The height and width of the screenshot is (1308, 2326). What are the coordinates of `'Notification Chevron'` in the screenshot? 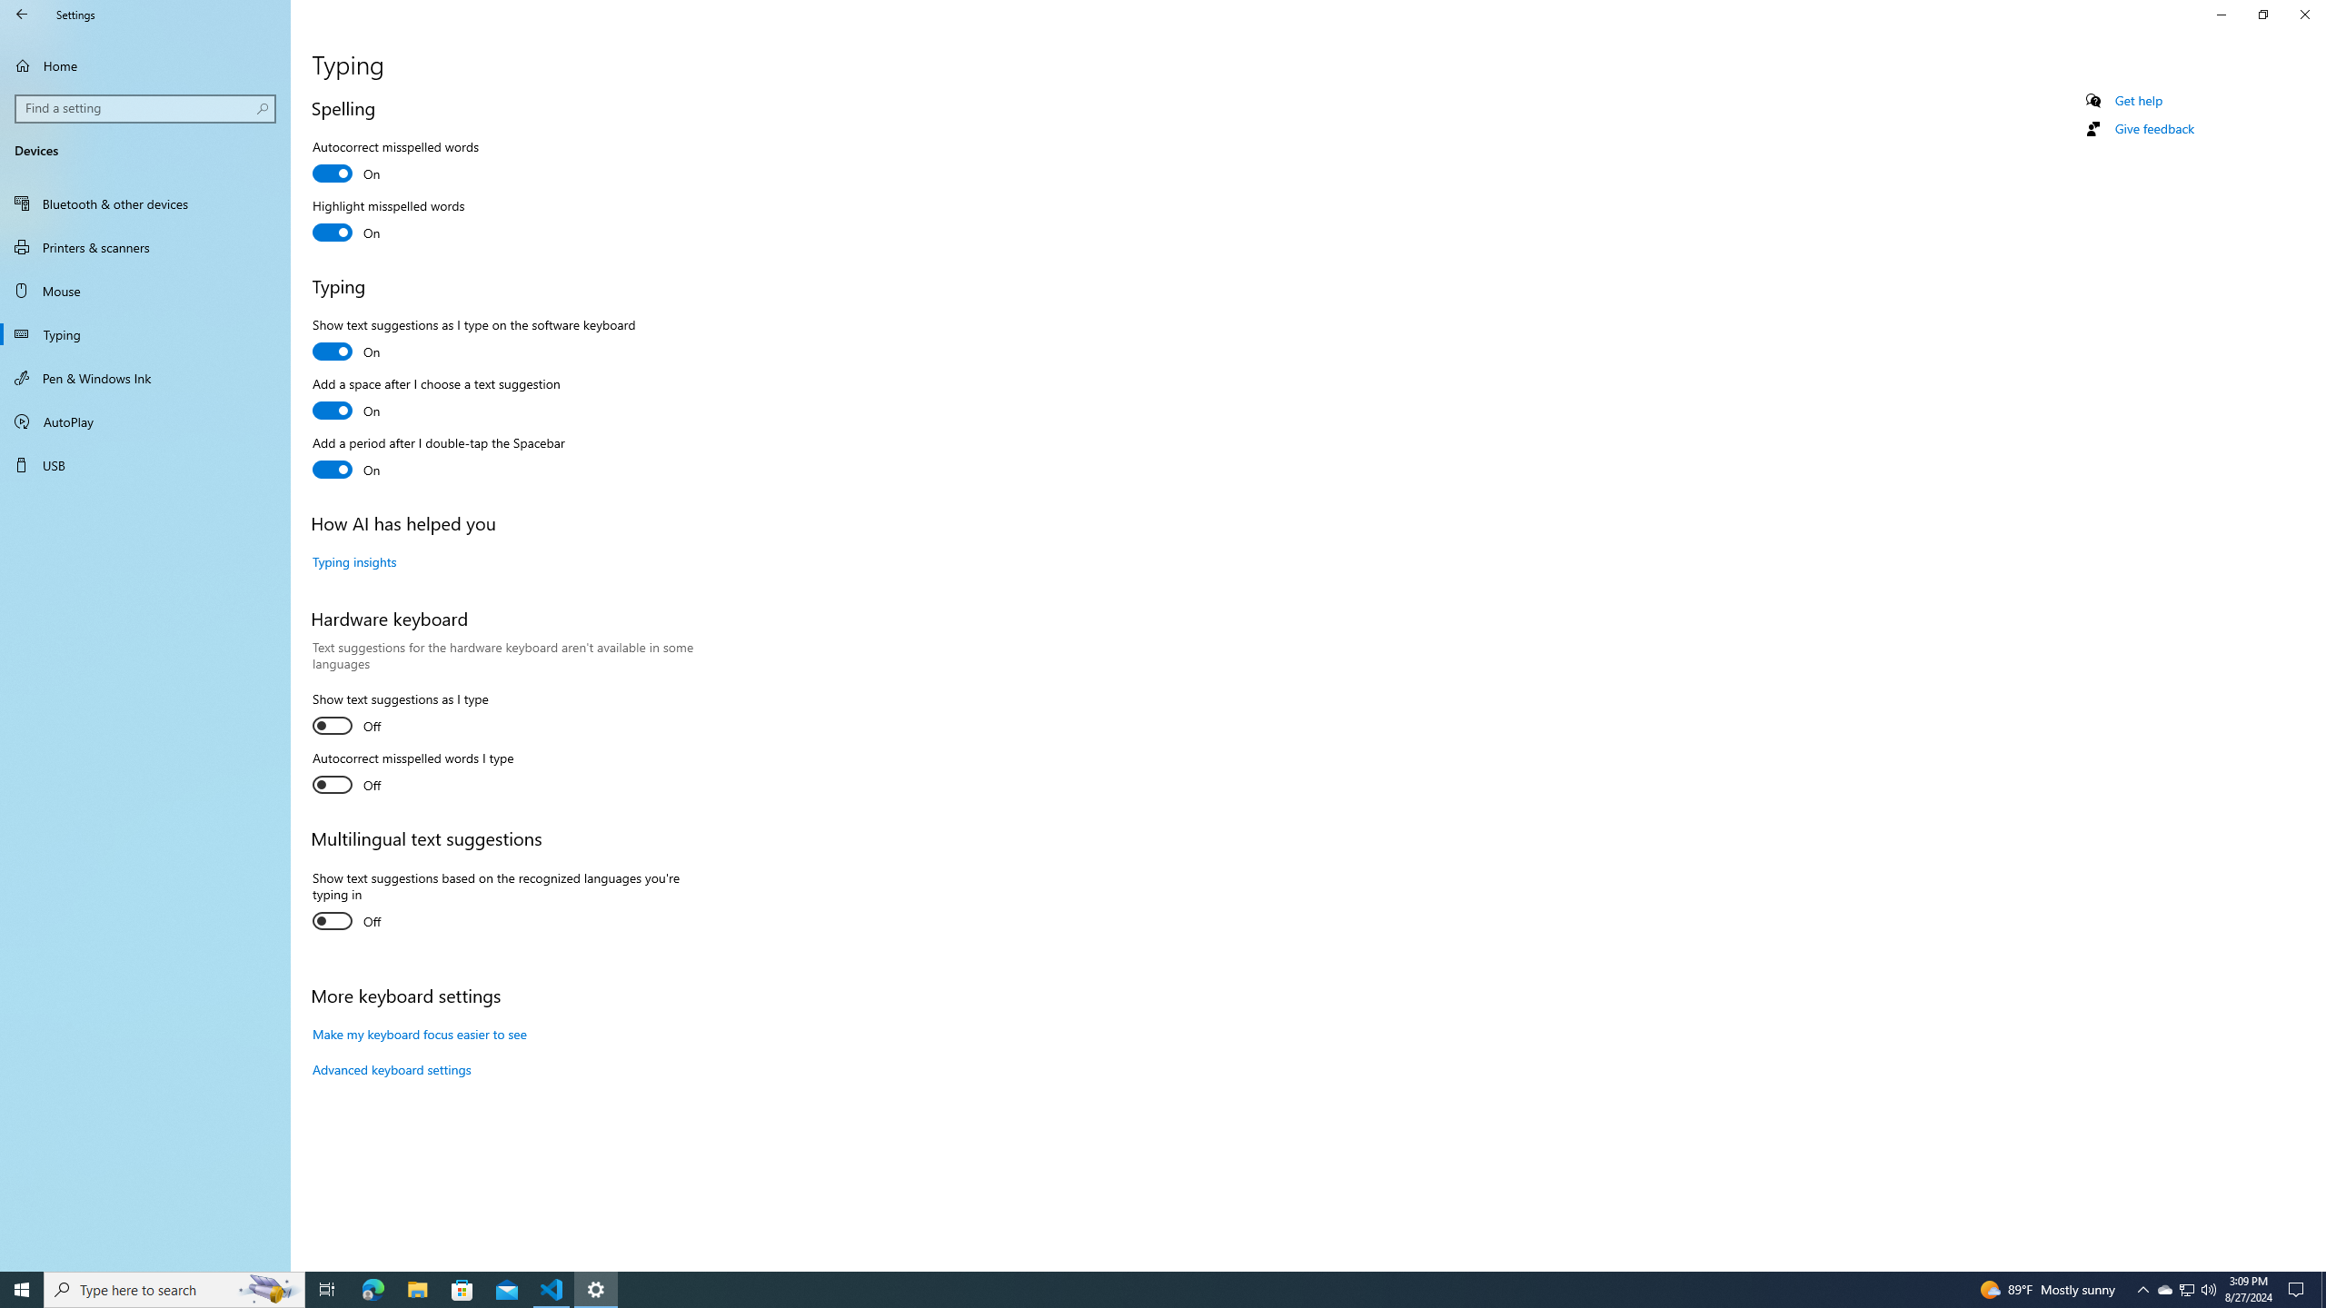 It's located at (2143, 1288).